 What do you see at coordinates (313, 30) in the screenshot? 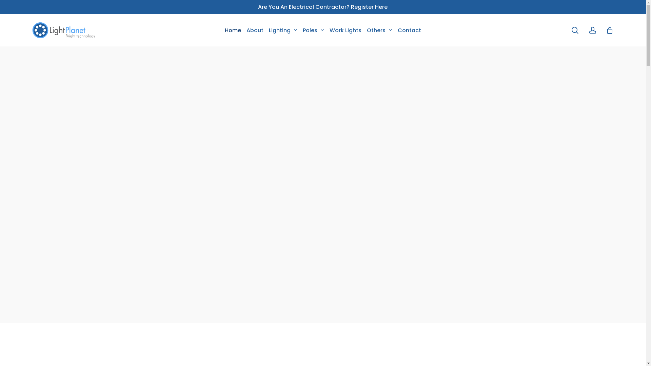
I see `'Poles'` at bounding box center [313, 30].